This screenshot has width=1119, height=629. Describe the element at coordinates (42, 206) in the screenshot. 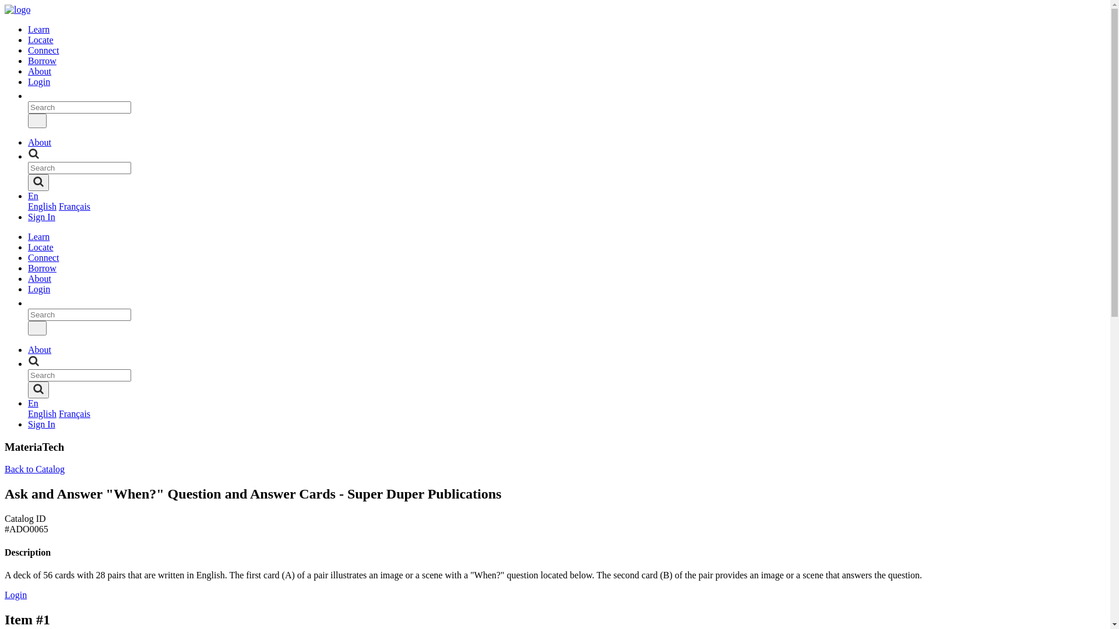

I see `'English'` at that location.